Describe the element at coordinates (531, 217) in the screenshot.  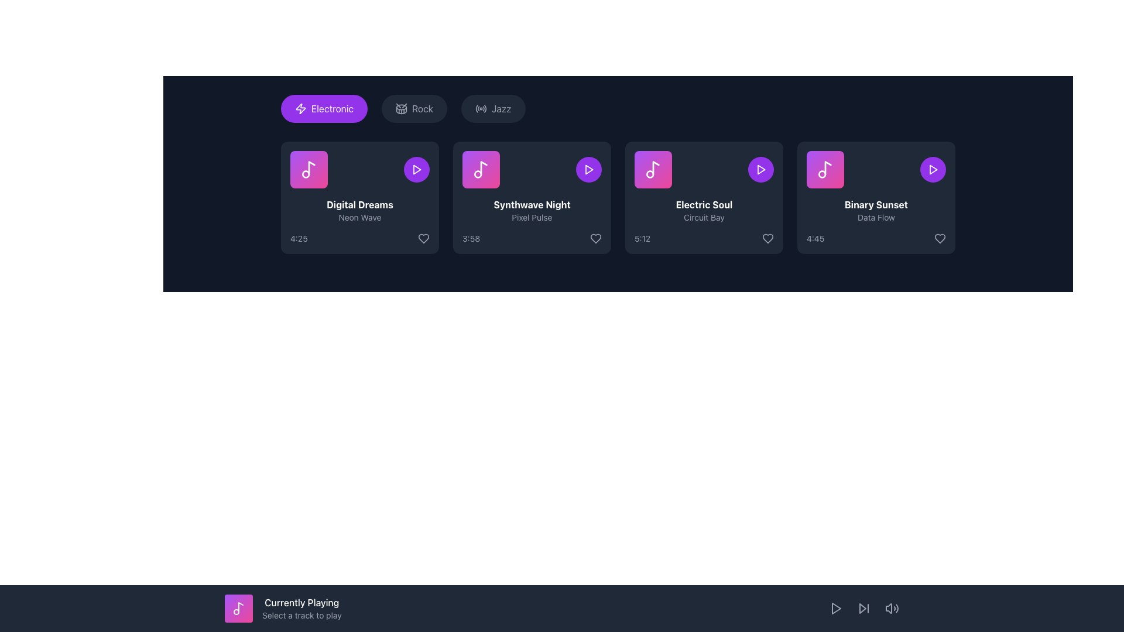
I see `the text label displaying the artist's name below the title 'Synthwave Night' and above the duration '3:58' in the music track card` at that location.